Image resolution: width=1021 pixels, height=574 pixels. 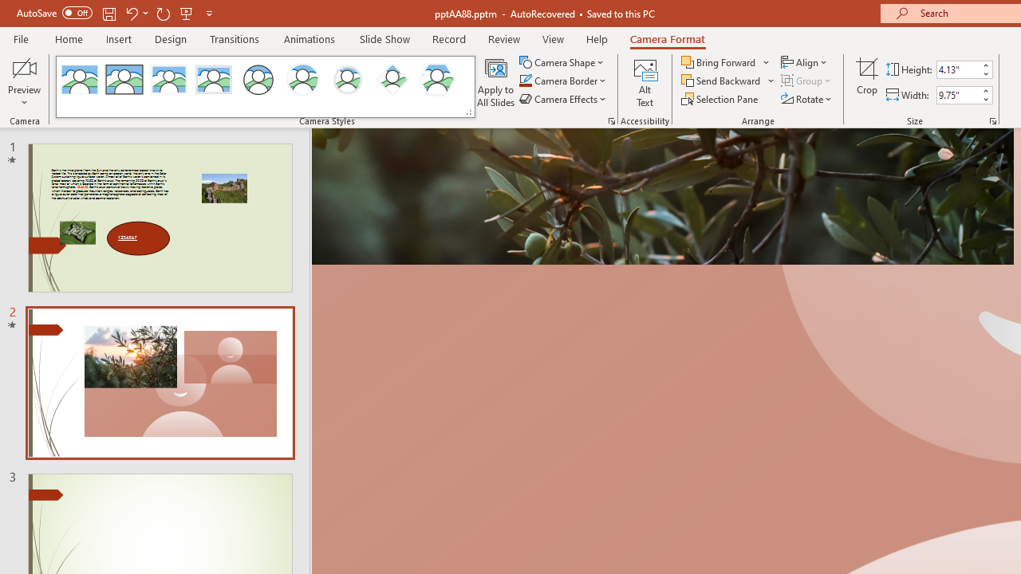 What do you see at coordinates (727, 81) in the screenshot?
I see `'Send Backward'` at bounding box center [727, 81].